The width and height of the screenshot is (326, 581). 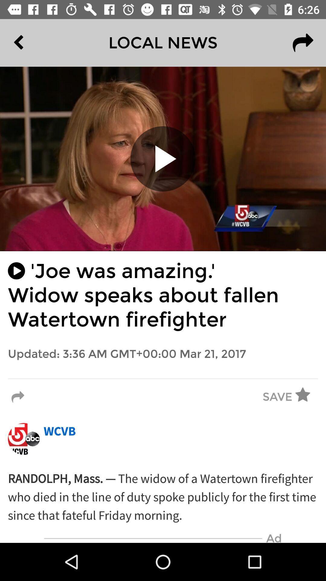 What do you see at coordinates (277, 397) in the screenshot?
I see `the save` at bounding box center [277, 397].